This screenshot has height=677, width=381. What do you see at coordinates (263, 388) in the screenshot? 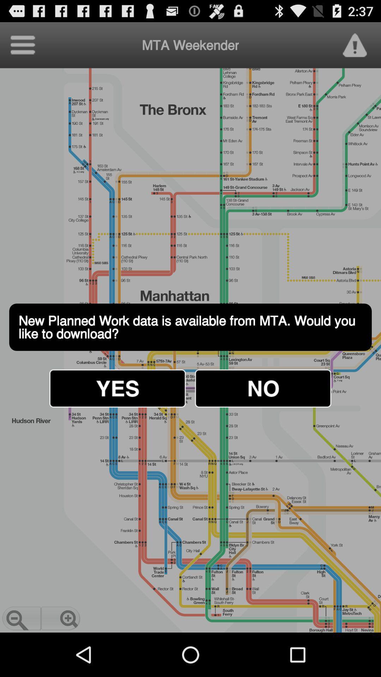
I see `app below the new planned work icon` at bounding box center [263, 388].